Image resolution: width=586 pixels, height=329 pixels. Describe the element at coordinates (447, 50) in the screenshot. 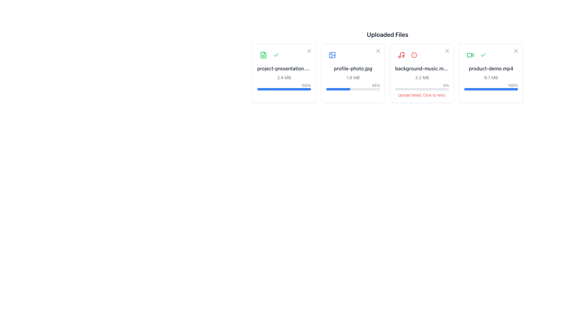

I see `the remove button icon located in the top-right corner of the file card for 'background-music.mp3'` at that location.